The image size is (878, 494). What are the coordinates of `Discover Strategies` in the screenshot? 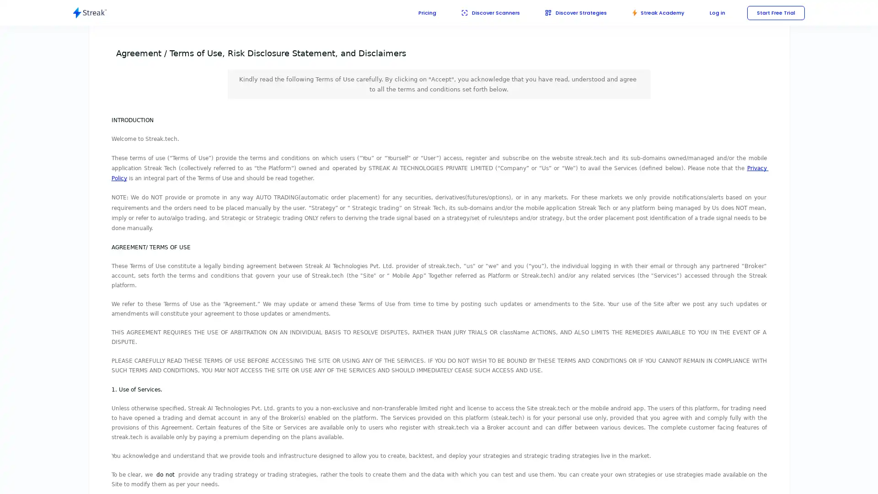 It's located at (568, 12).